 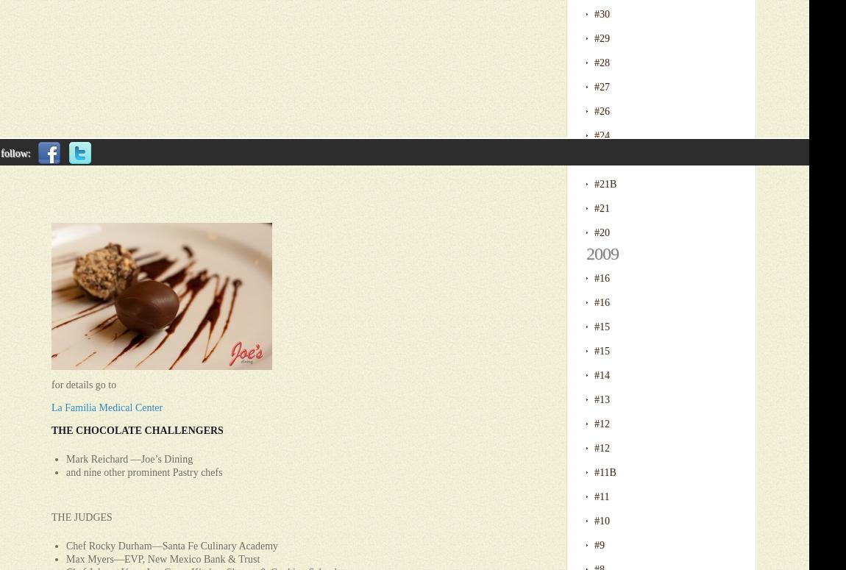 I want to click on '#10', so click(x=601, y=521).